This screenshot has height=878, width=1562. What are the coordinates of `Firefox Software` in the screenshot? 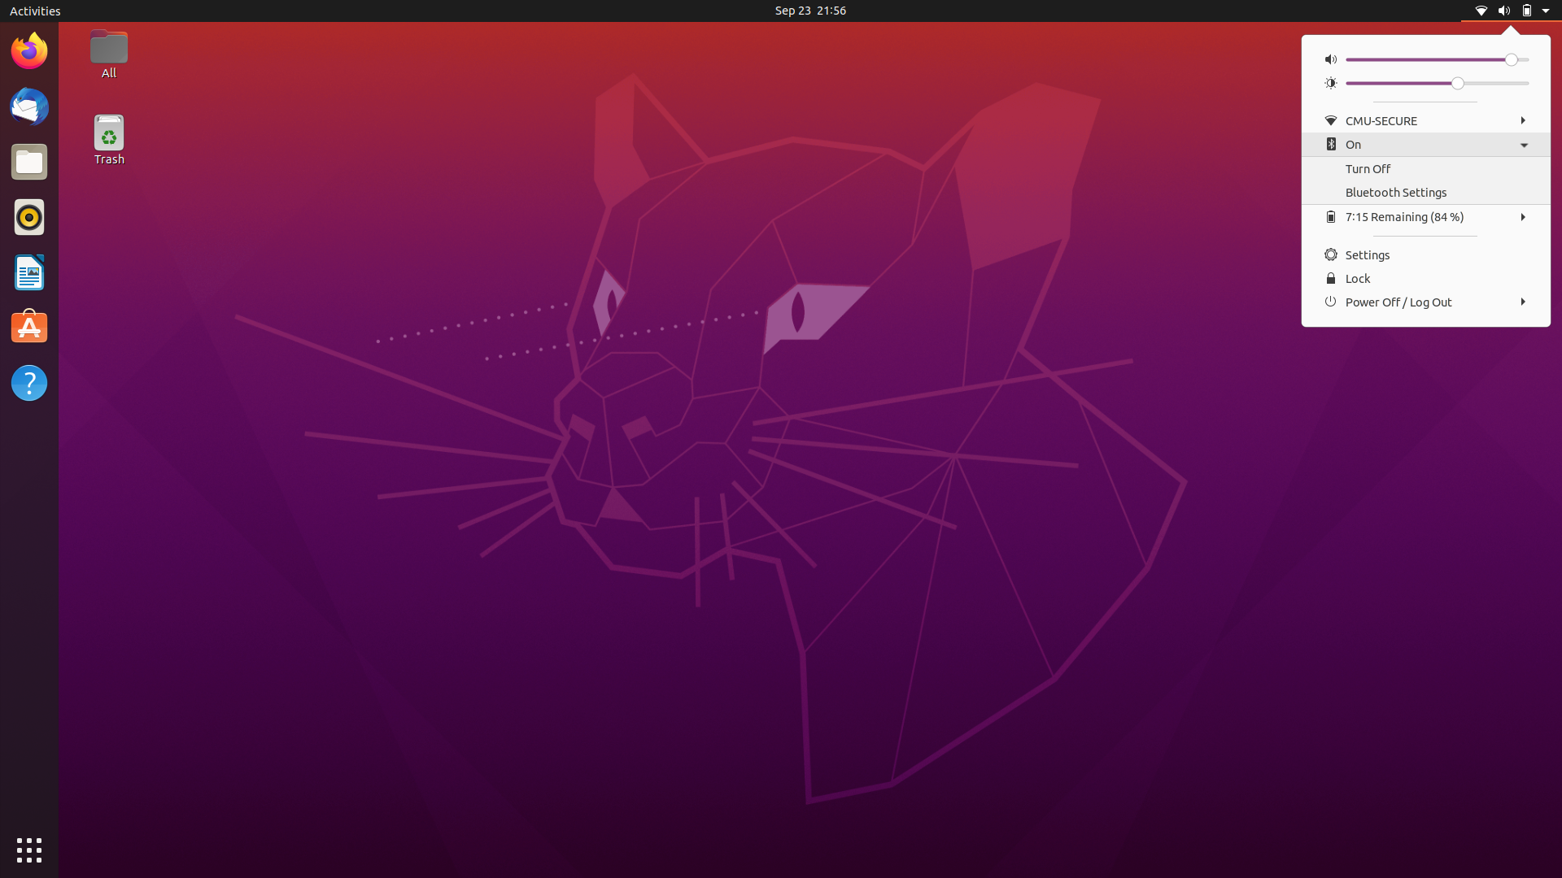 It's located at (28, 49).